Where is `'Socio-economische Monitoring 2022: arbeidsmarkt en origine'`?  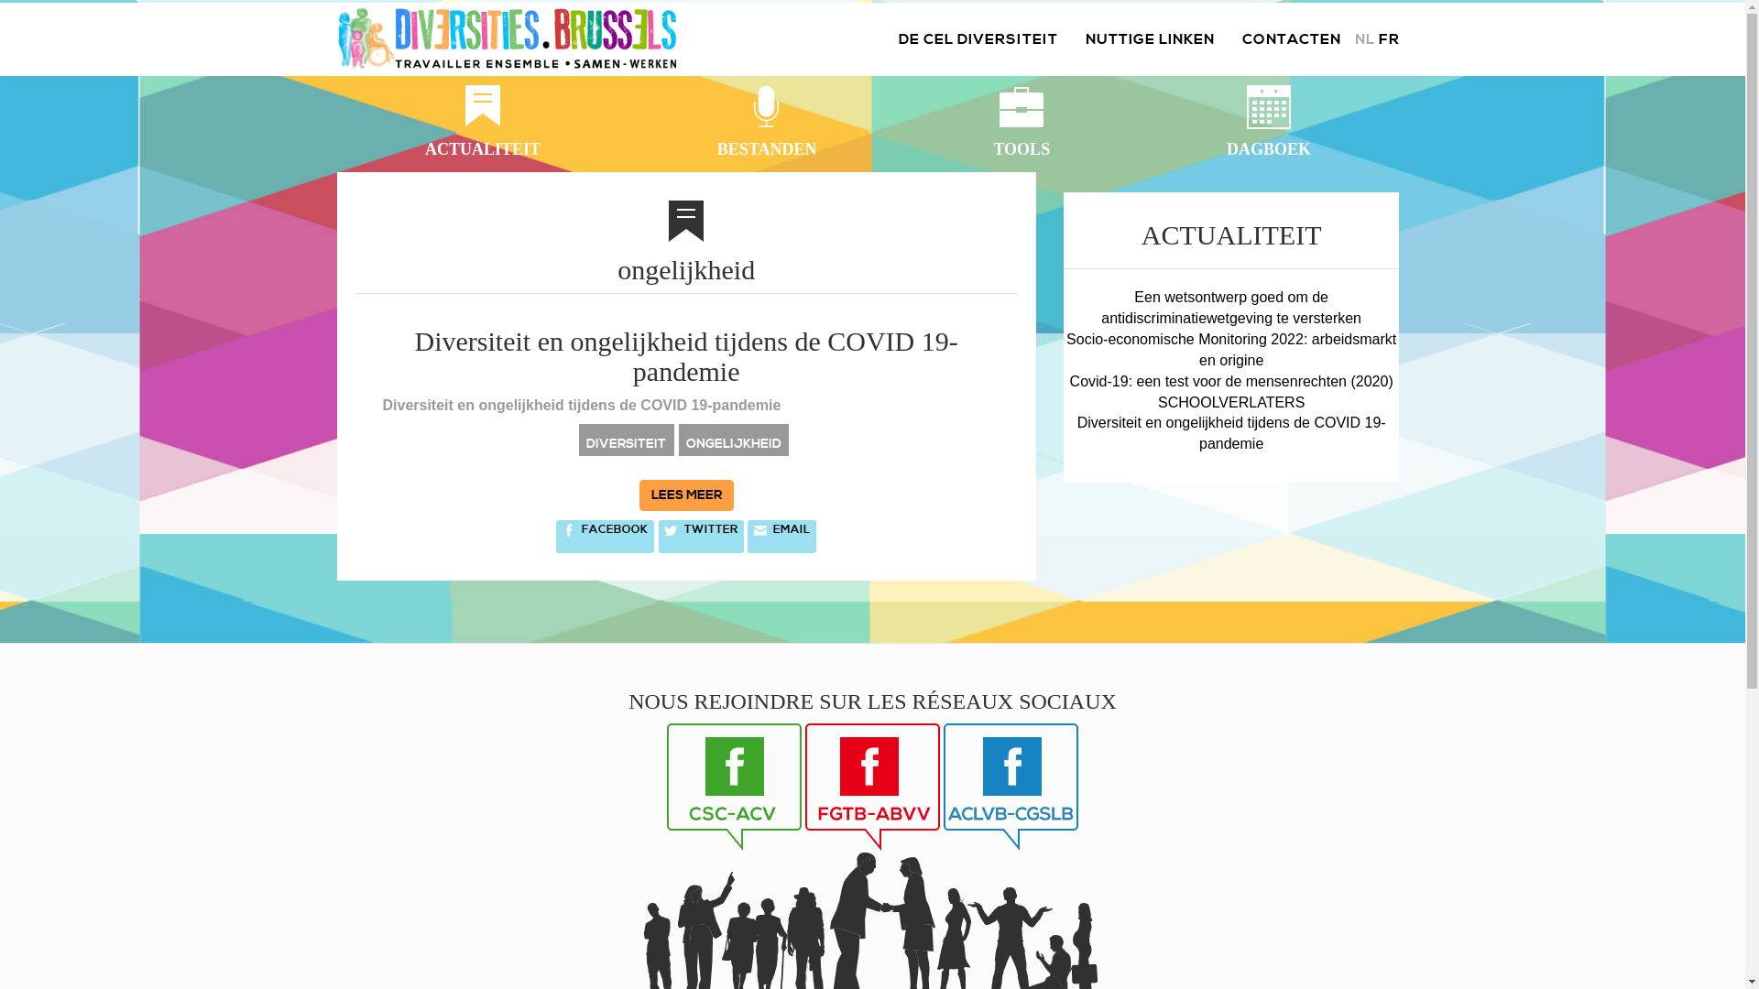 'Socio-economische Monitoring 2022: arbeidsmarkt en origine' is located at coordinates (1231, 349).